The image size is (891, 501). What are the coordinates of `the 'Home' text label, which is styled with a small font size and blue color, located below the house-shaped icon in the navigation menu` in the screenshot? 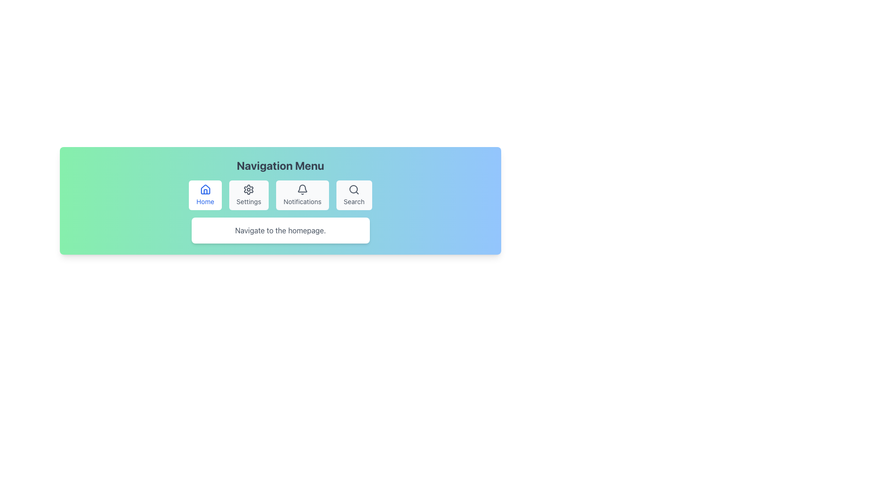 It's located at (205, 201).